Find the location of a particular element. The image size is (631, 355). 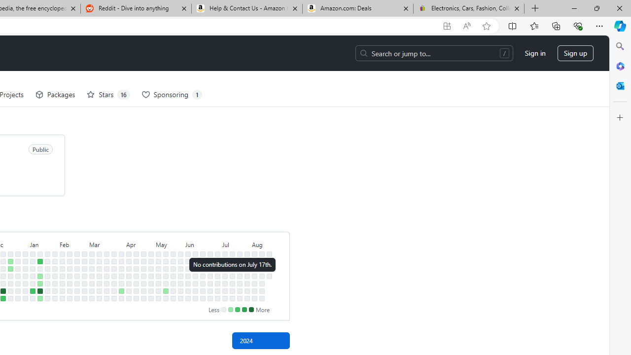

'No contributions on February 20th.' is located at coordinates (76, 269).